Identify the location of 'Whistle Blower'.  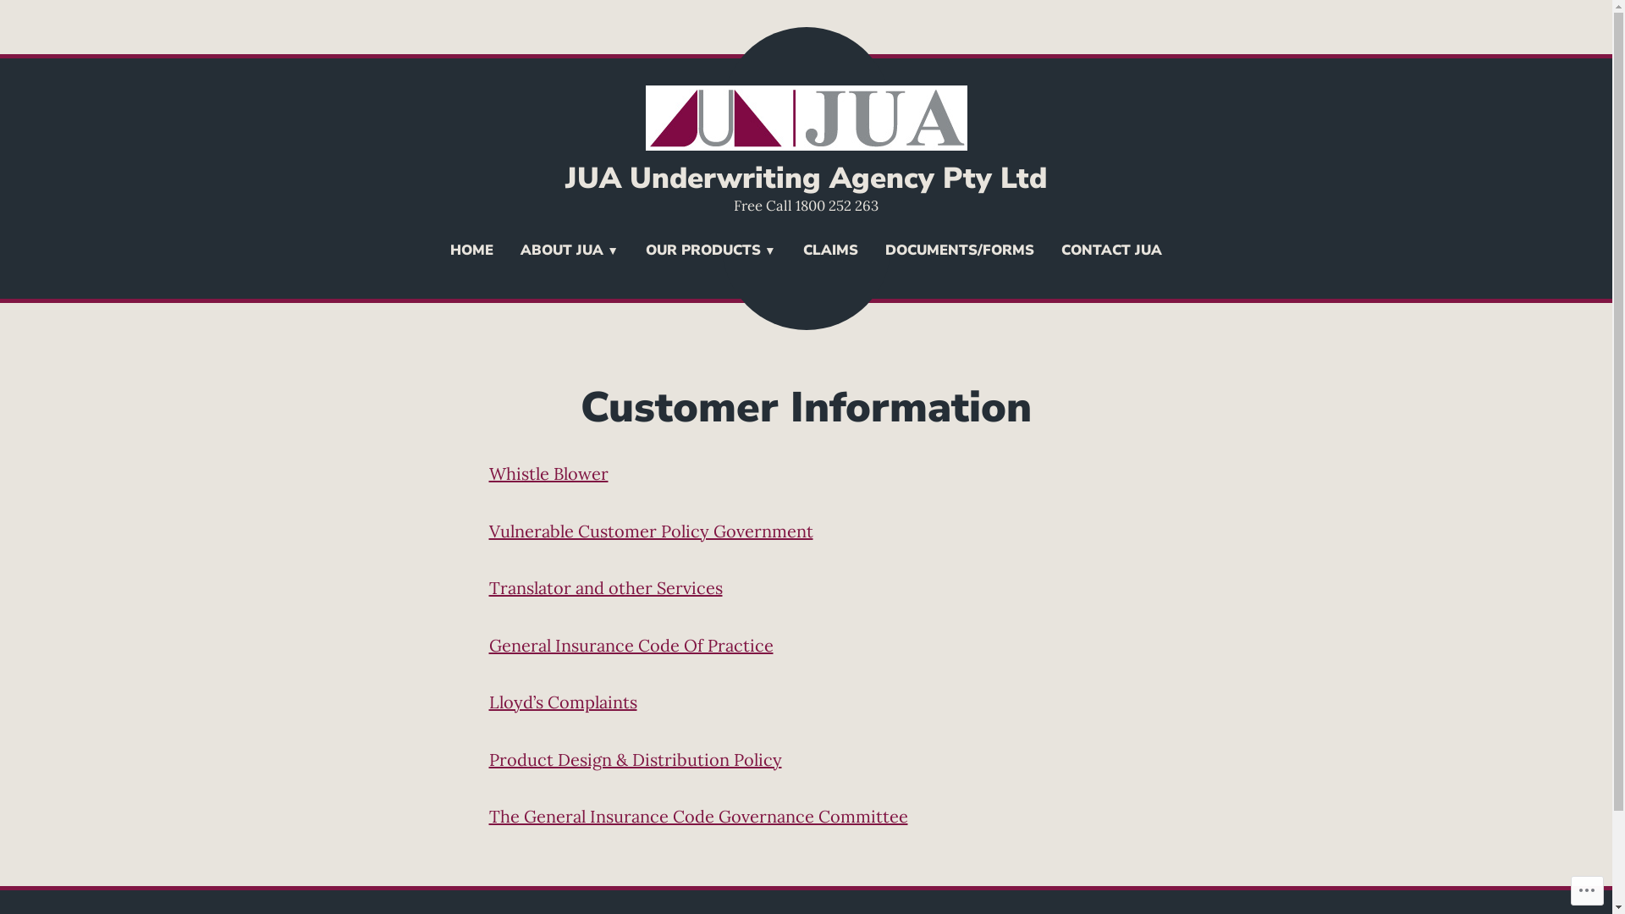
(548, 473).